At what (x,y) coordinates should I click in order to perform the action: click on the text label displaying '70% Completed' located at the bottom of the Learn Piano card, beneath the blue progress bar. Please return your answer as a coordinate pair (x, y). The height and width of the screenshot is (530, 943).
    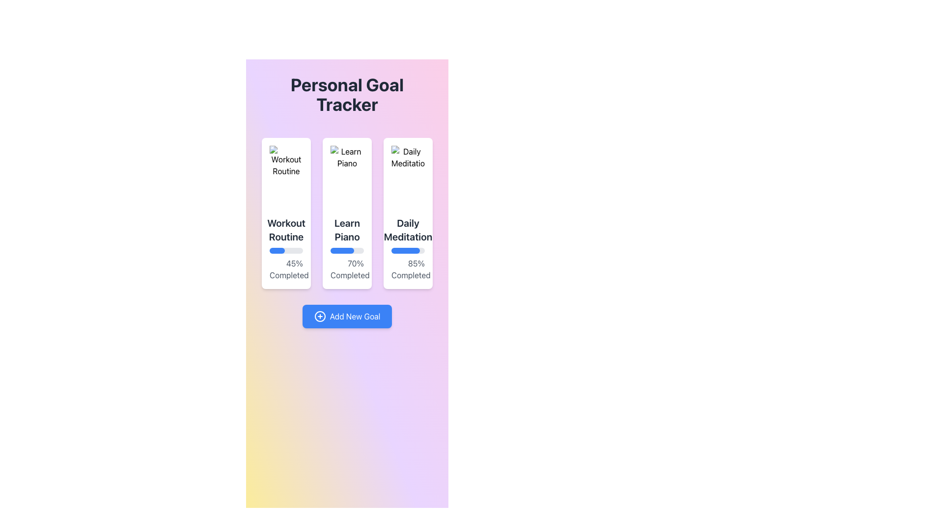
    Looking at the image, I should click on (347, 269).